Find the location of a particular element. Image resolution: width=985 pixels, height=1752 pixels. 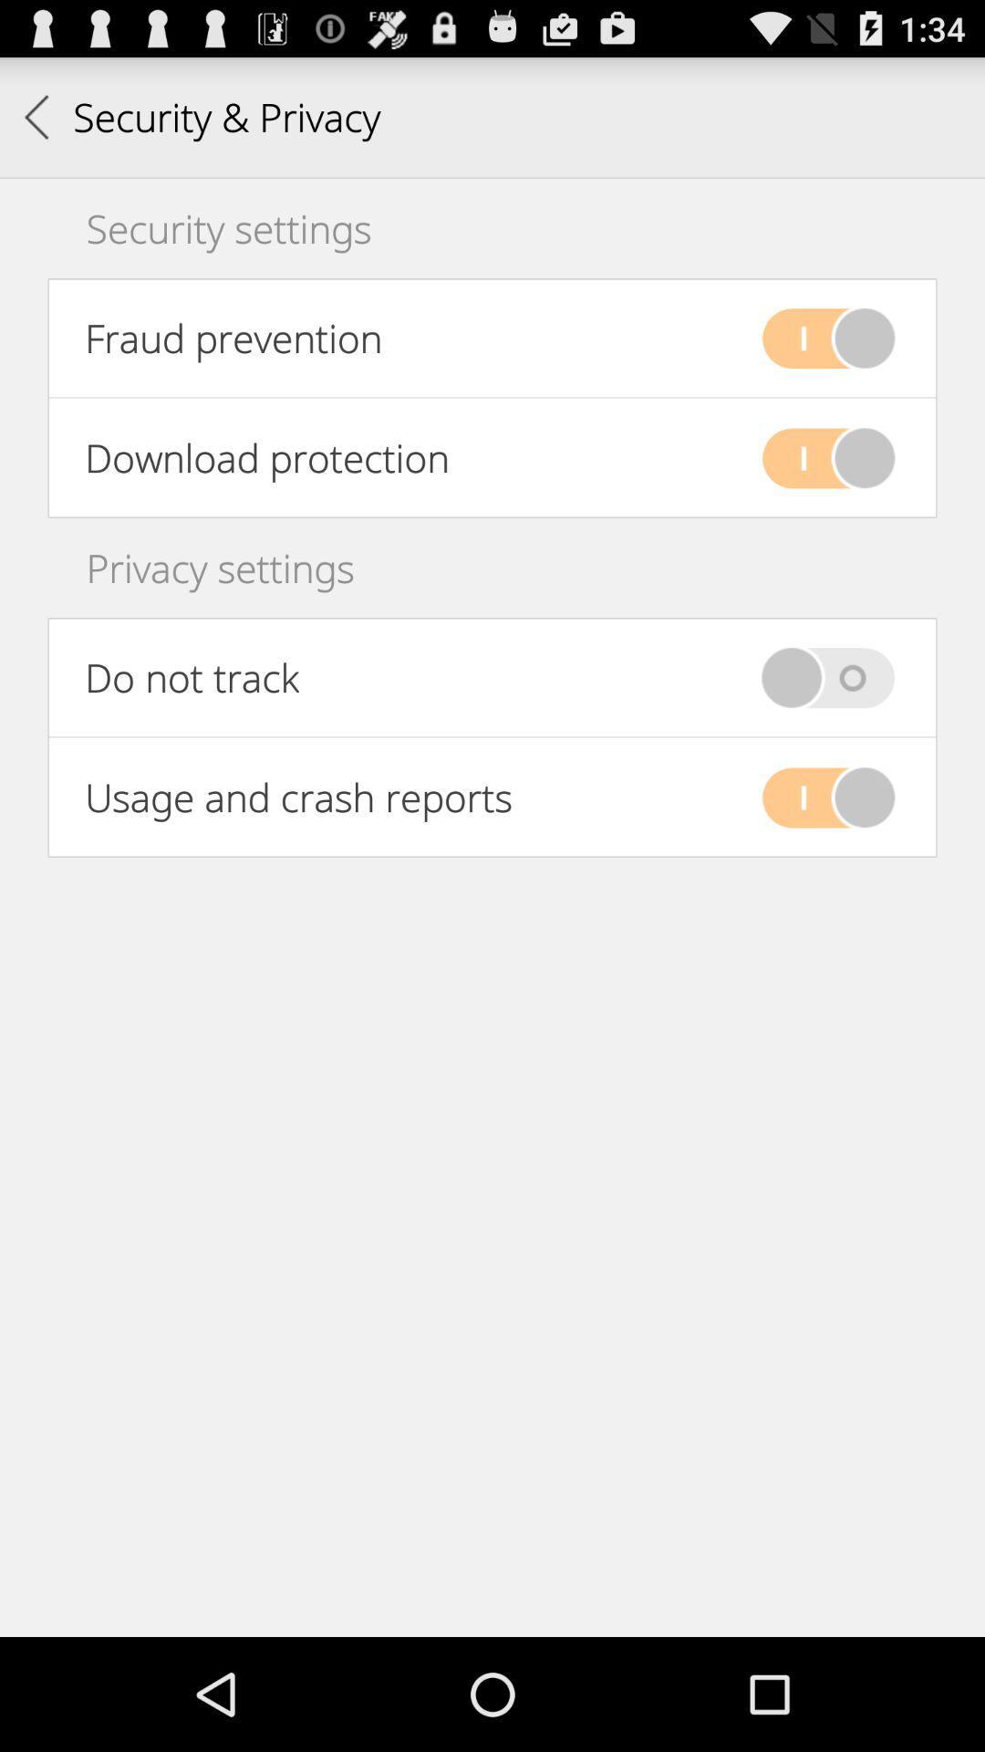

the security & privacy icon is located at coordinates (202, 116).